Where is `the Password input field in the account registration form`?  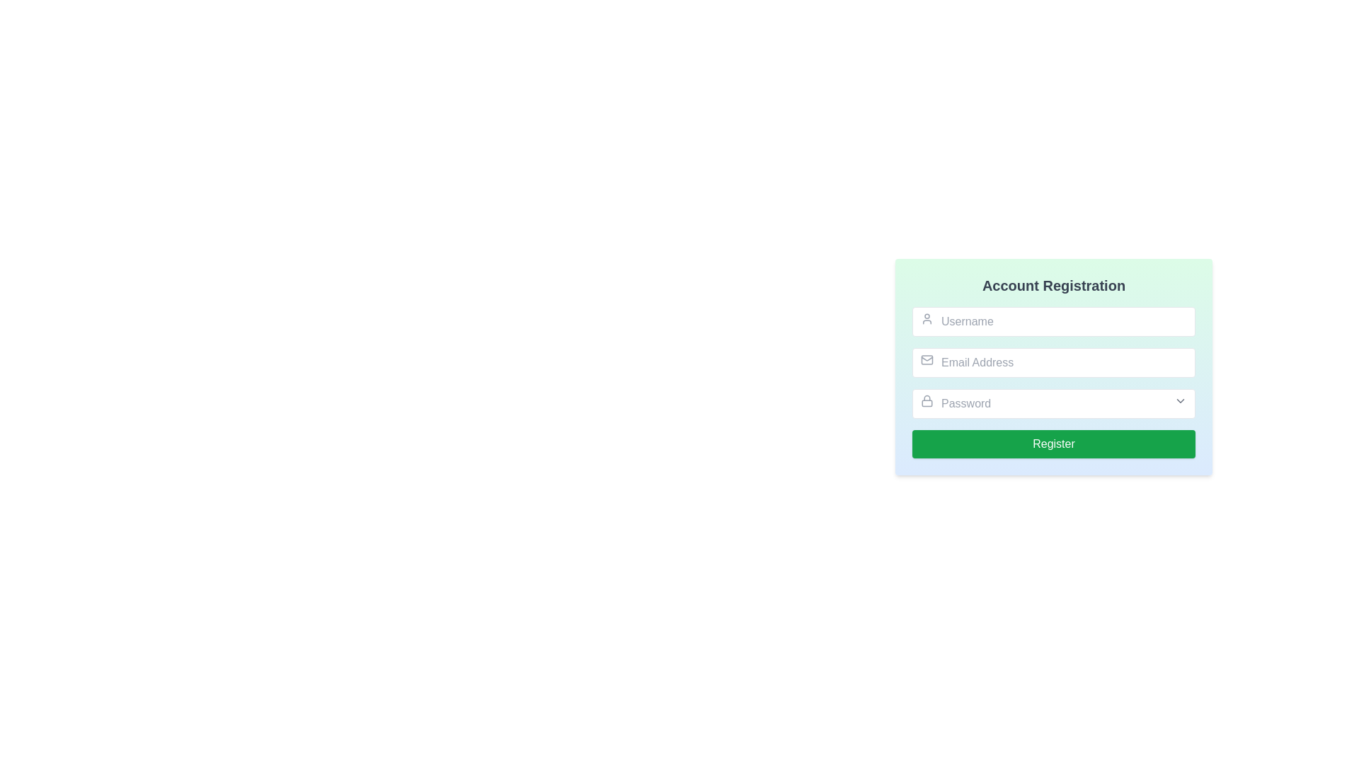 the Password input field in the account registration form is located at coordinates (1053, 403).